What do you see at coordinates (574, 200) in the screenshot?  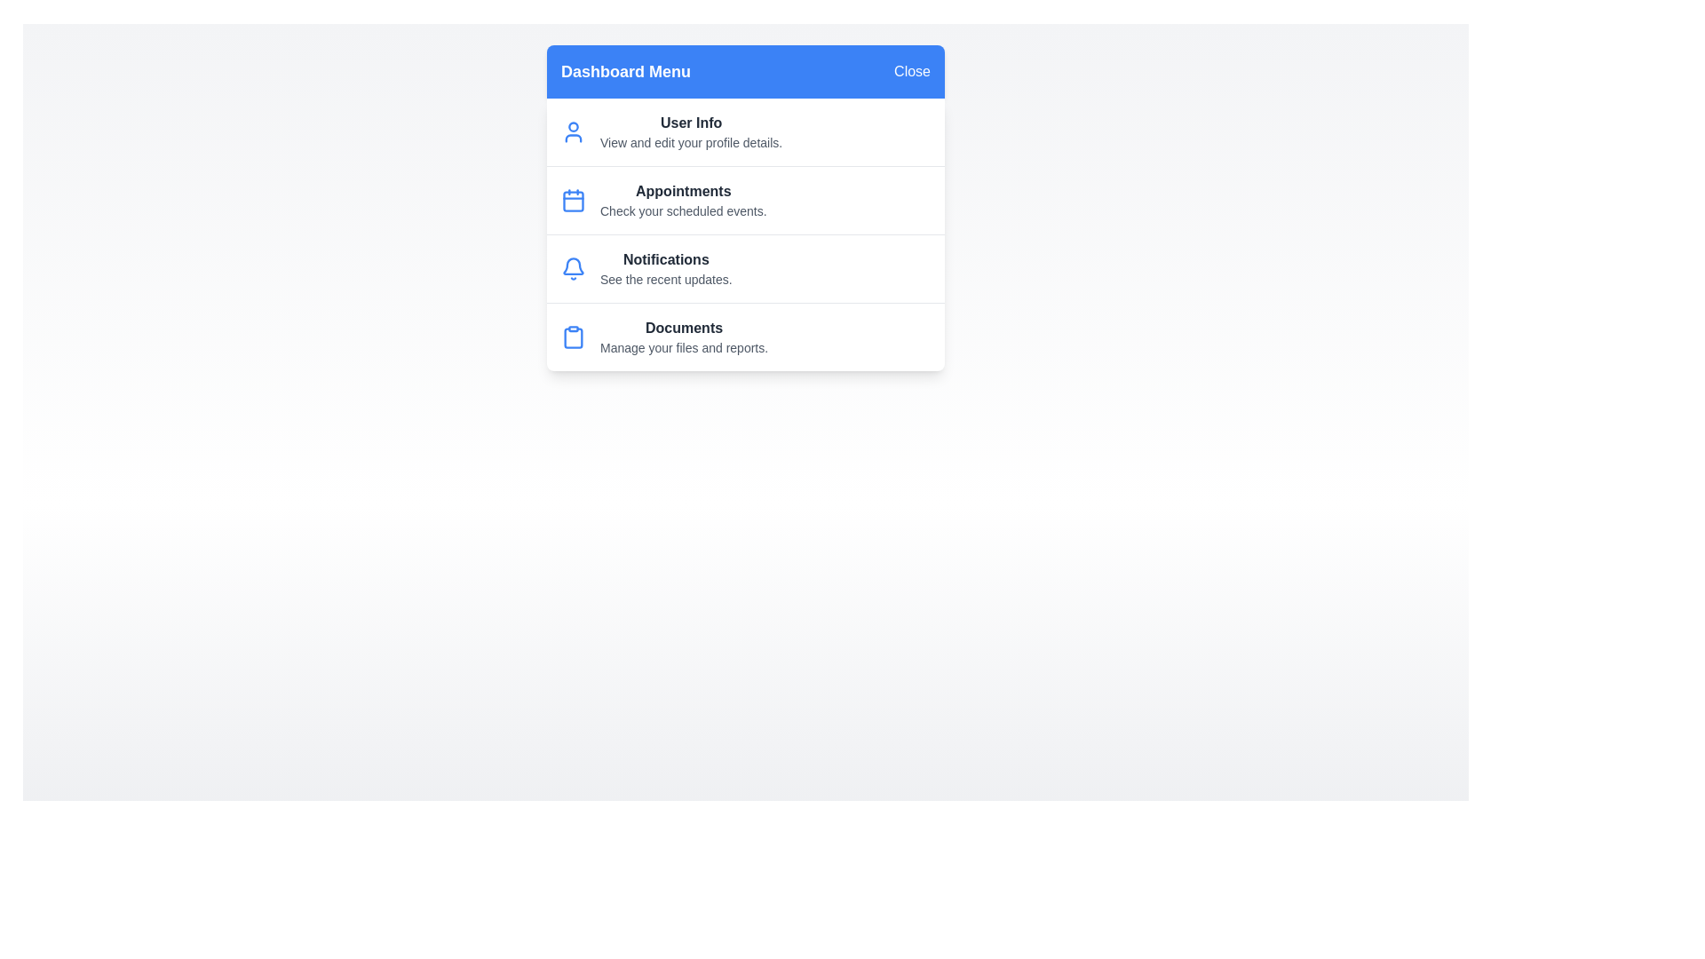 I see `the icon representing Appointments` at bounding box center [574, 200].